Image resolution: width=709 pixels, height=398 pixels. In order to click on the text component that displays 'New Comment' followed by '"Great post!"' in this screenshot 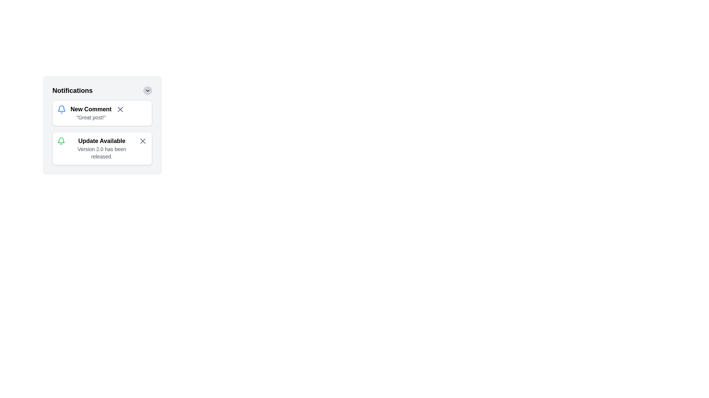, I will do `click(90, 113)`.